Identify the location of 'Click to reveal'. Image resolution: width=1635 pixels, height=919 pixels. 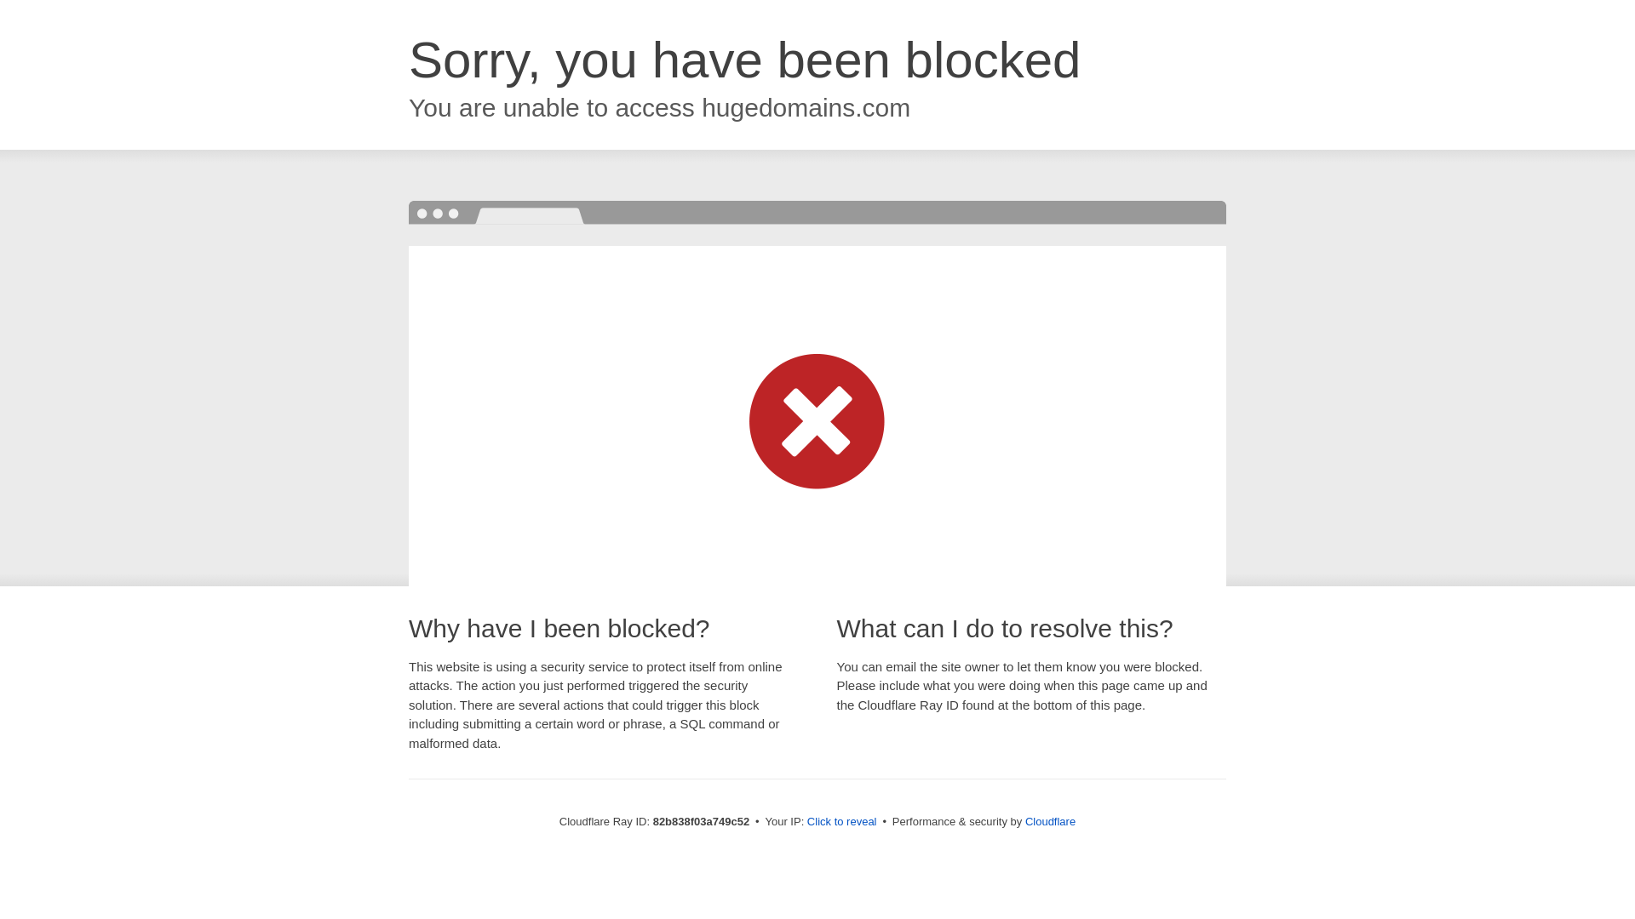
(841, 820).